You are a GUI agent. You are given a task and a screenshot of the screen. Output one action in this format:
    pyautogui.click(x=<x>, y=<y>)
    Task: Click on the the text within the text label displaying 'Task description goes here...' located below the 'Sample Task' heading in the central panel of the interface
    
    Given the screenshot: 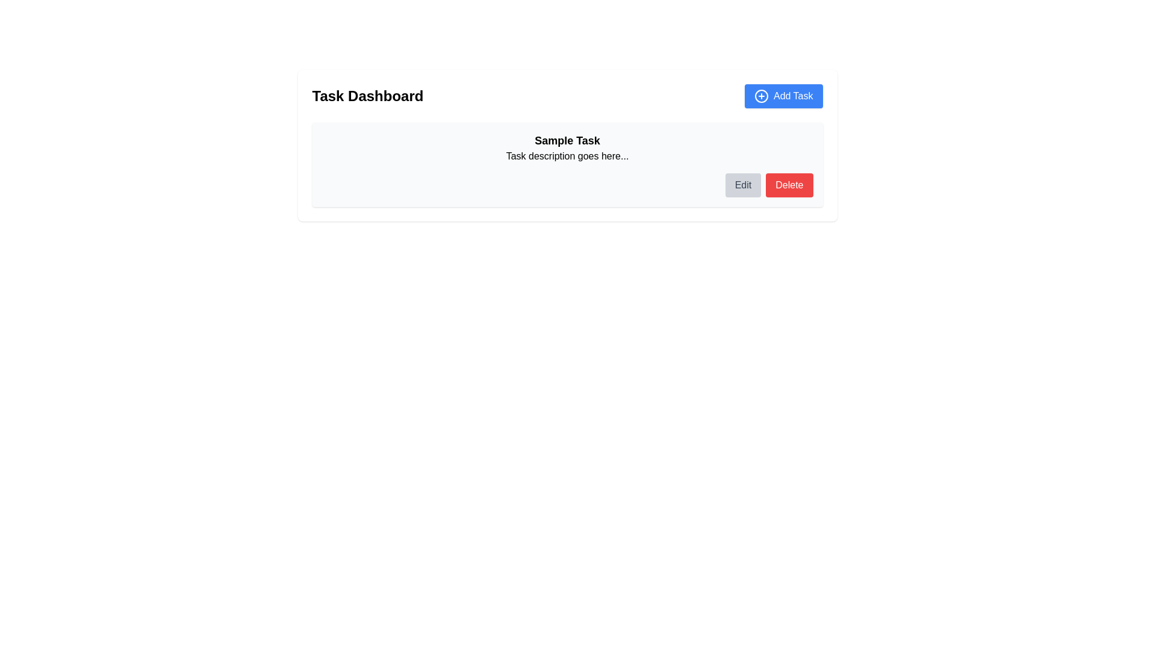 What is the action you would take?
    pyautogui.click(x=567, y=155)
    